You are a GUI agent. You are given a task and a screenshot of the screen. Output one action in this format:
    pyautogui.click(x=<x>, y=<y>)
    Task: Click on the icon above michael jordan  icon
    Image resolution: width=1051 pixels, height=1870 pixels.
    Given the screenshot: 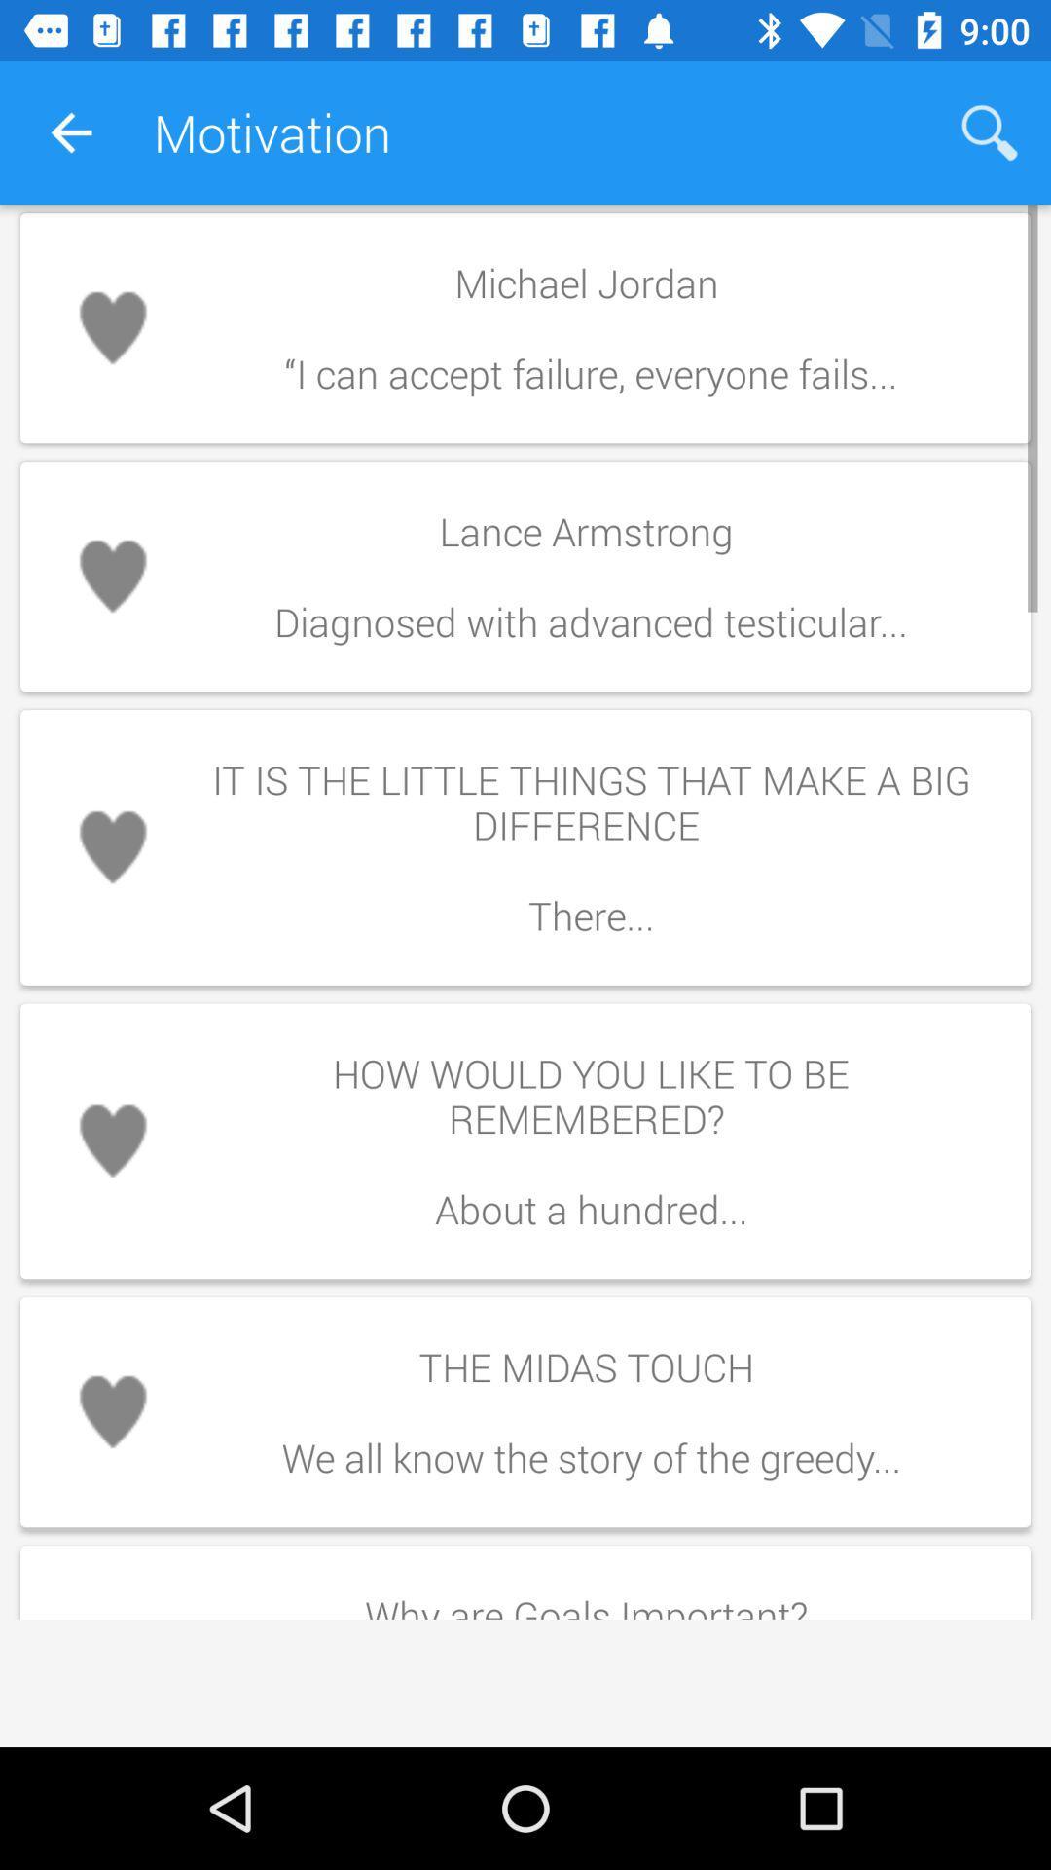 What is the action you would take?
    pyautogui.click(x=990, y=131)
    